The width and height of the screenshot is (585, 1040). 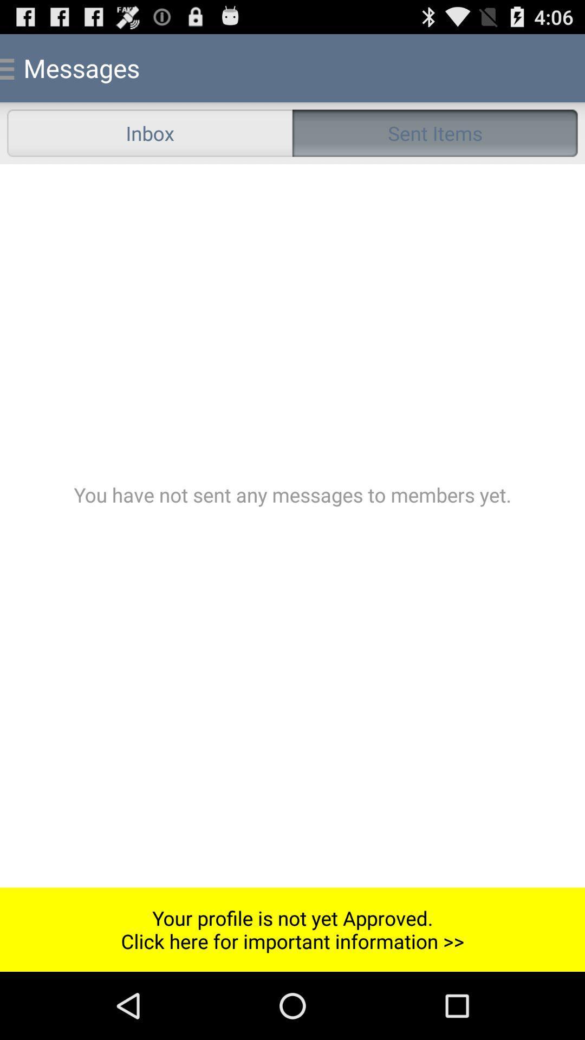 What do you see at coordinates (292, 525) in the screenshot?
I see `the color bar` at bounding box center [292, 525].